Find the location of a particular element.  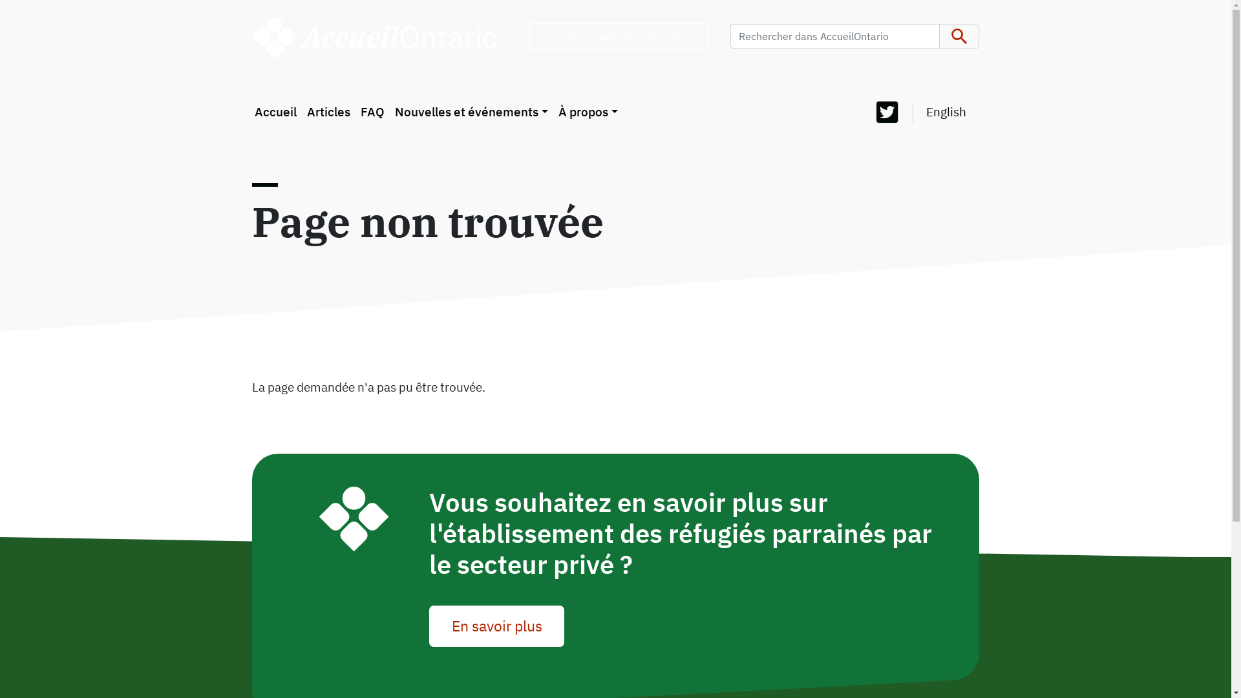

'Accueil' is located at coordinates (249, 111).